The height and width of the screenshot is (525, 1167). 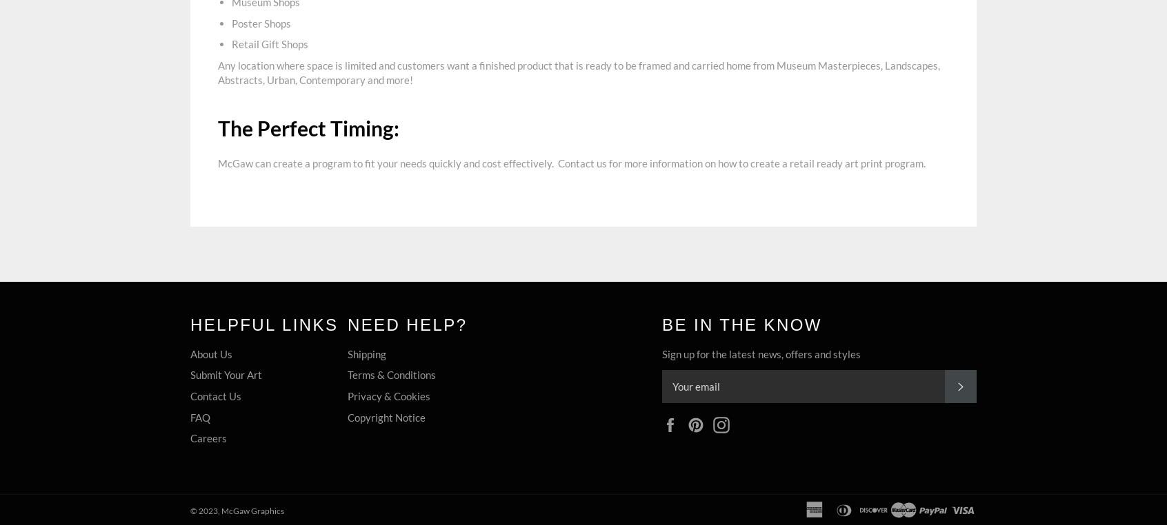 I want to click on 'About Us', so click(x=210, y=352).